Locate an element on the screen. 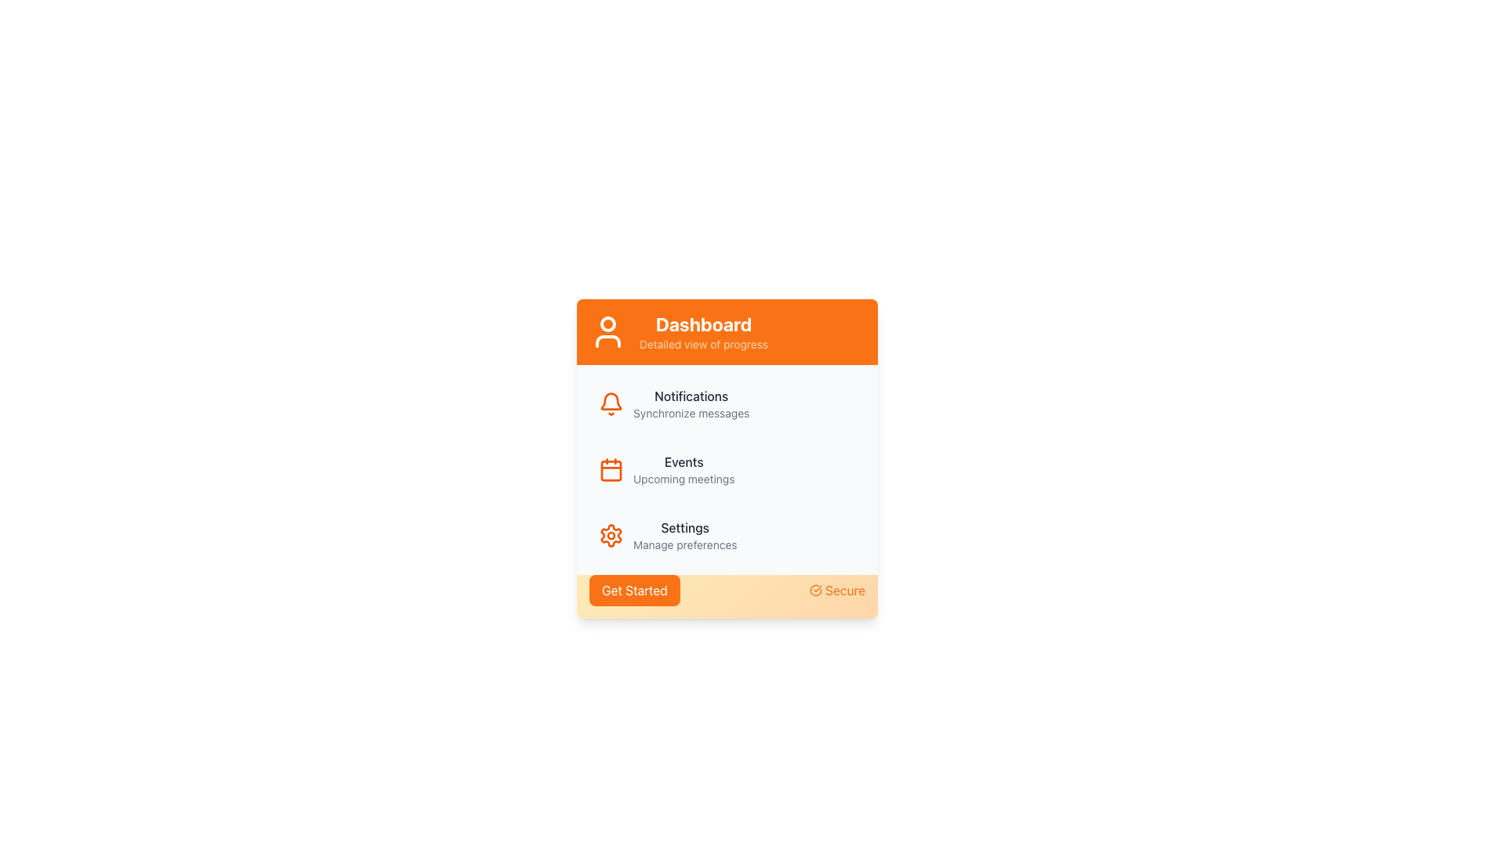  the text label that serves as a title for event-related features, positioned centrally below a calendar icon and above 'Upcoming meetings' is located at coordinates (684, 461).